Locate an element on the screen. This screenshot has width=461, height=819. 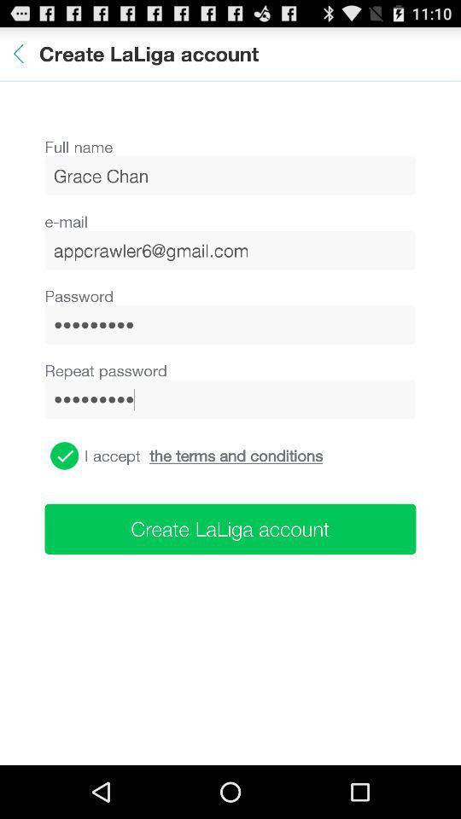
accepts terms is located at coordinates (63, 455).